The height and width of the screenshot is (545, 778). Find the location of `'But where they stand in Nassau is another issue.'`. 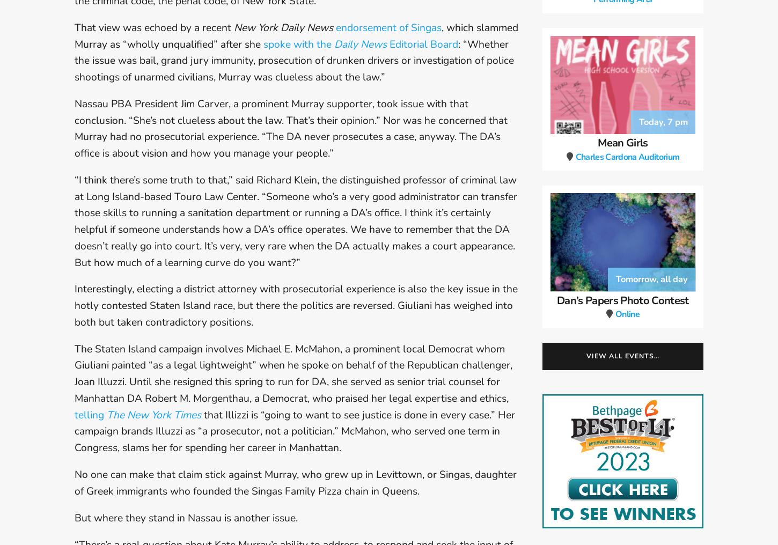

'But where they stand in Nassau is another issue.' is located at coordinates (186, 517).